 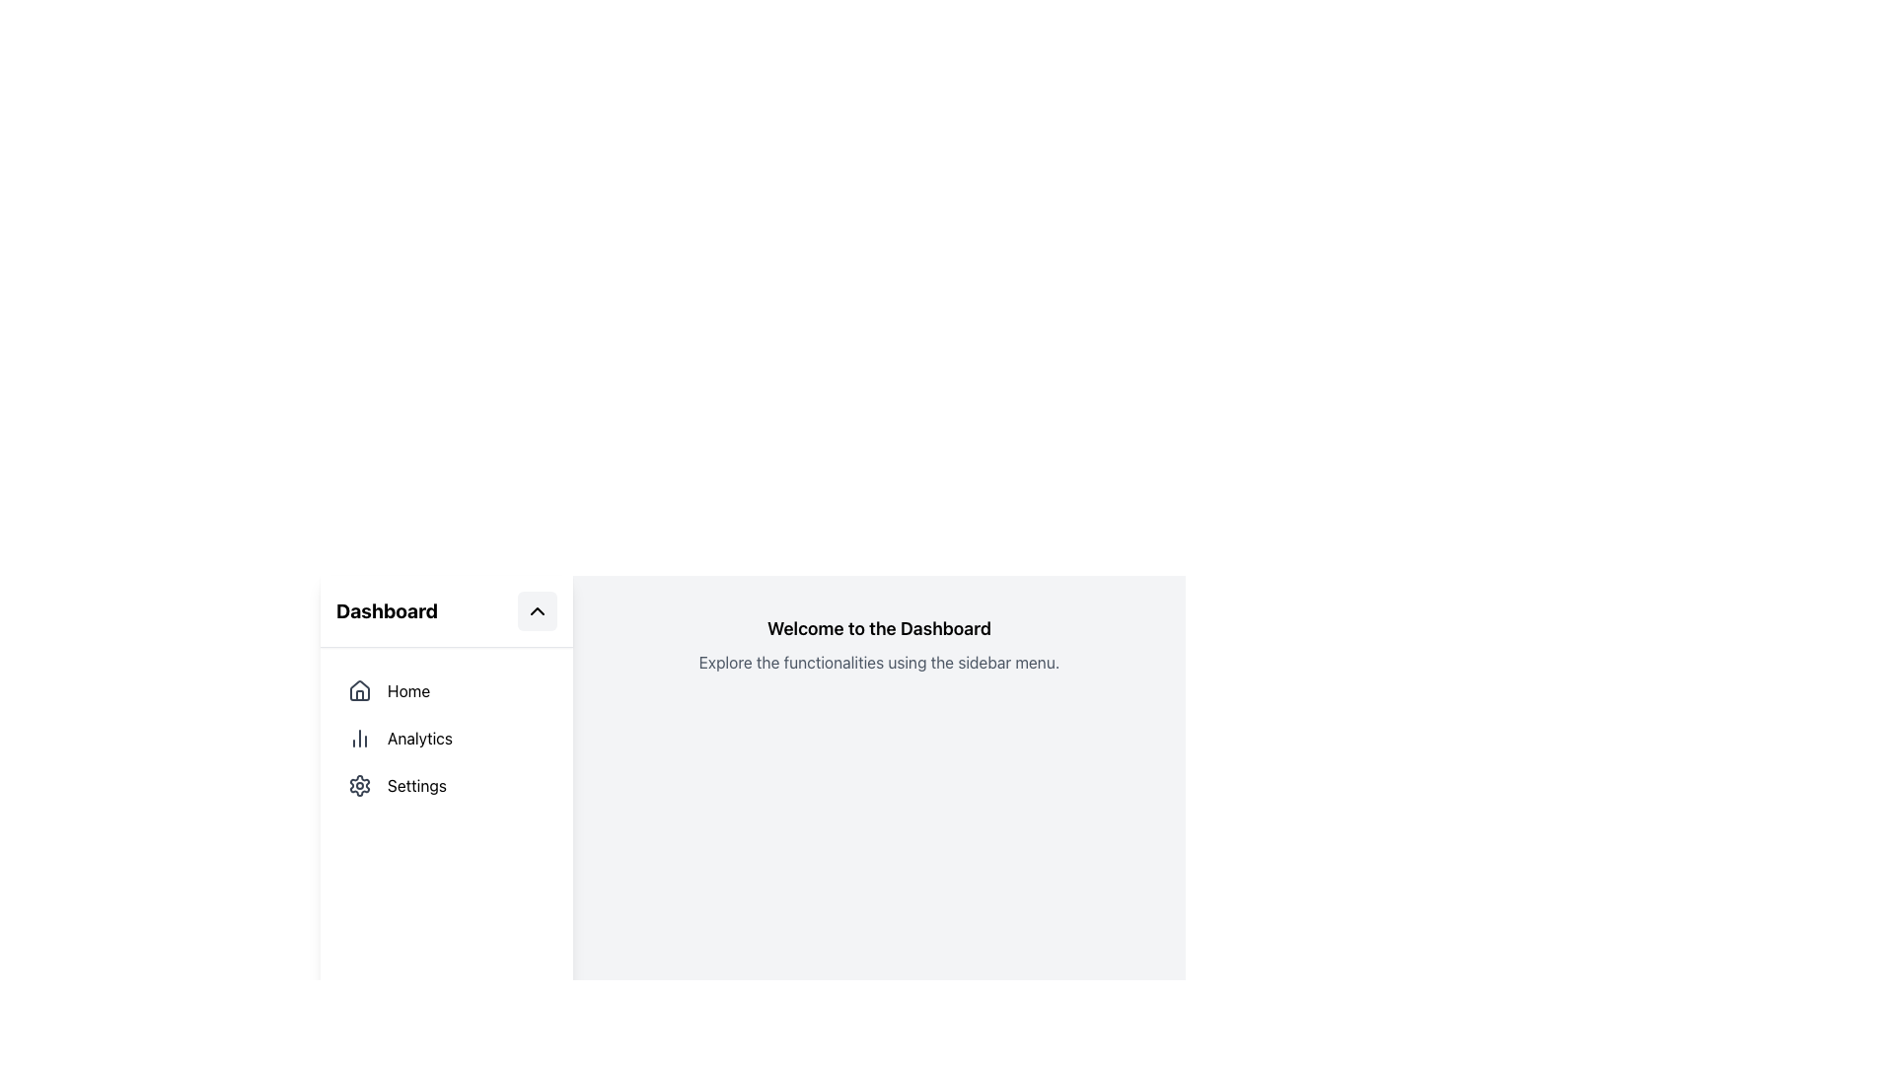 What do you see at coordinates (359, 688) in the screenshot?
I see `the house icon graphic in the left sidebar under the 'Dashboard' title` at bounding box center [359, 688].